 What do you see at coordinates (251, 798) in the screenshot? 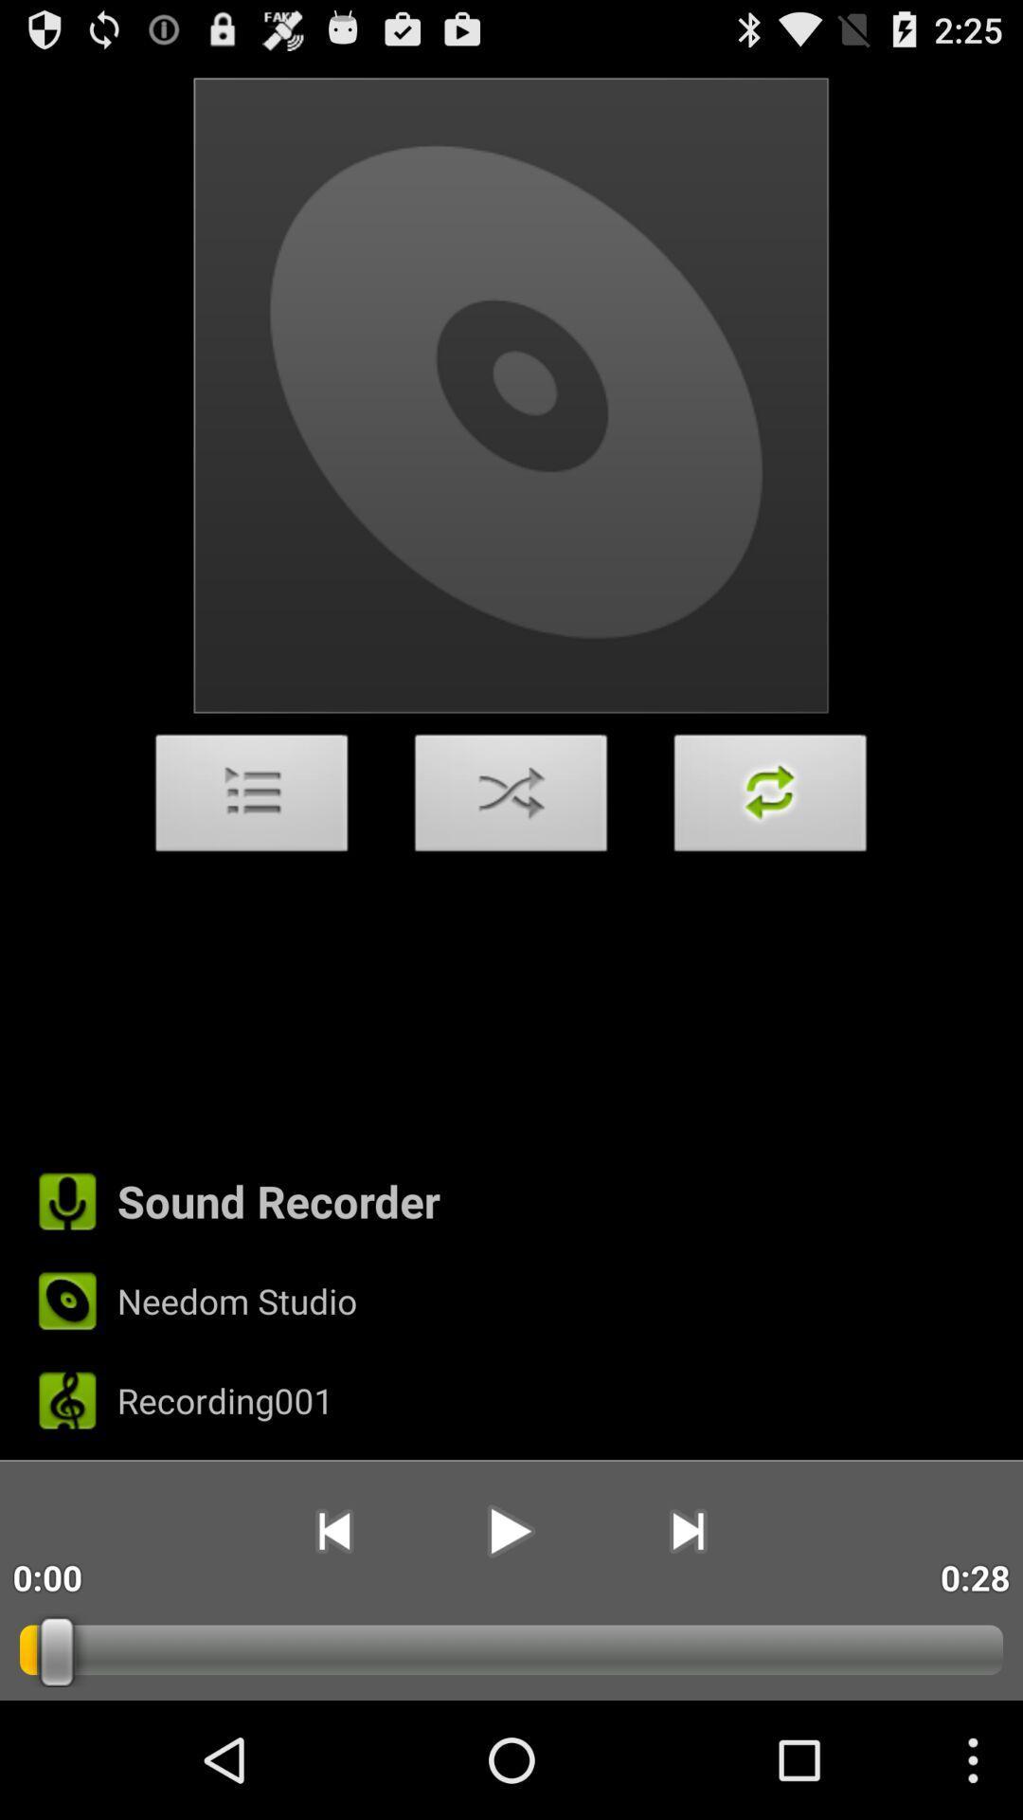
I see `the icon above the sound recorder item` at bounding box center [251, 798].